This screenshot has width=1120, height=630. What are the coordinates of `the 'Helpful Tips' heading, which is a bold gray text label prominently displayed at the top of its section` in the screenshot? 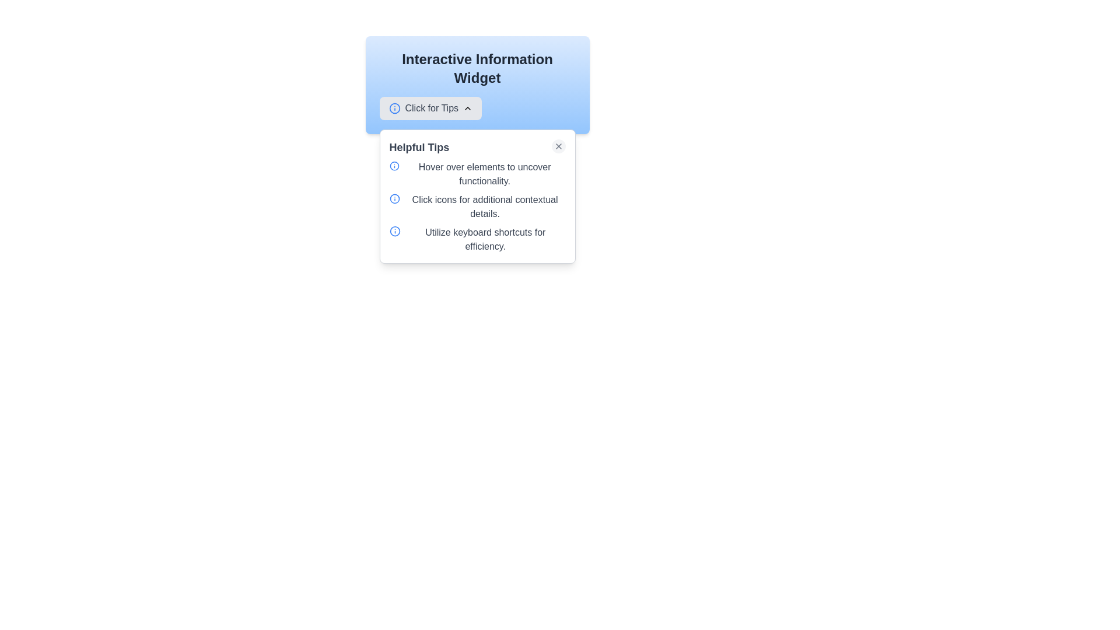 It's located at (419, 147).